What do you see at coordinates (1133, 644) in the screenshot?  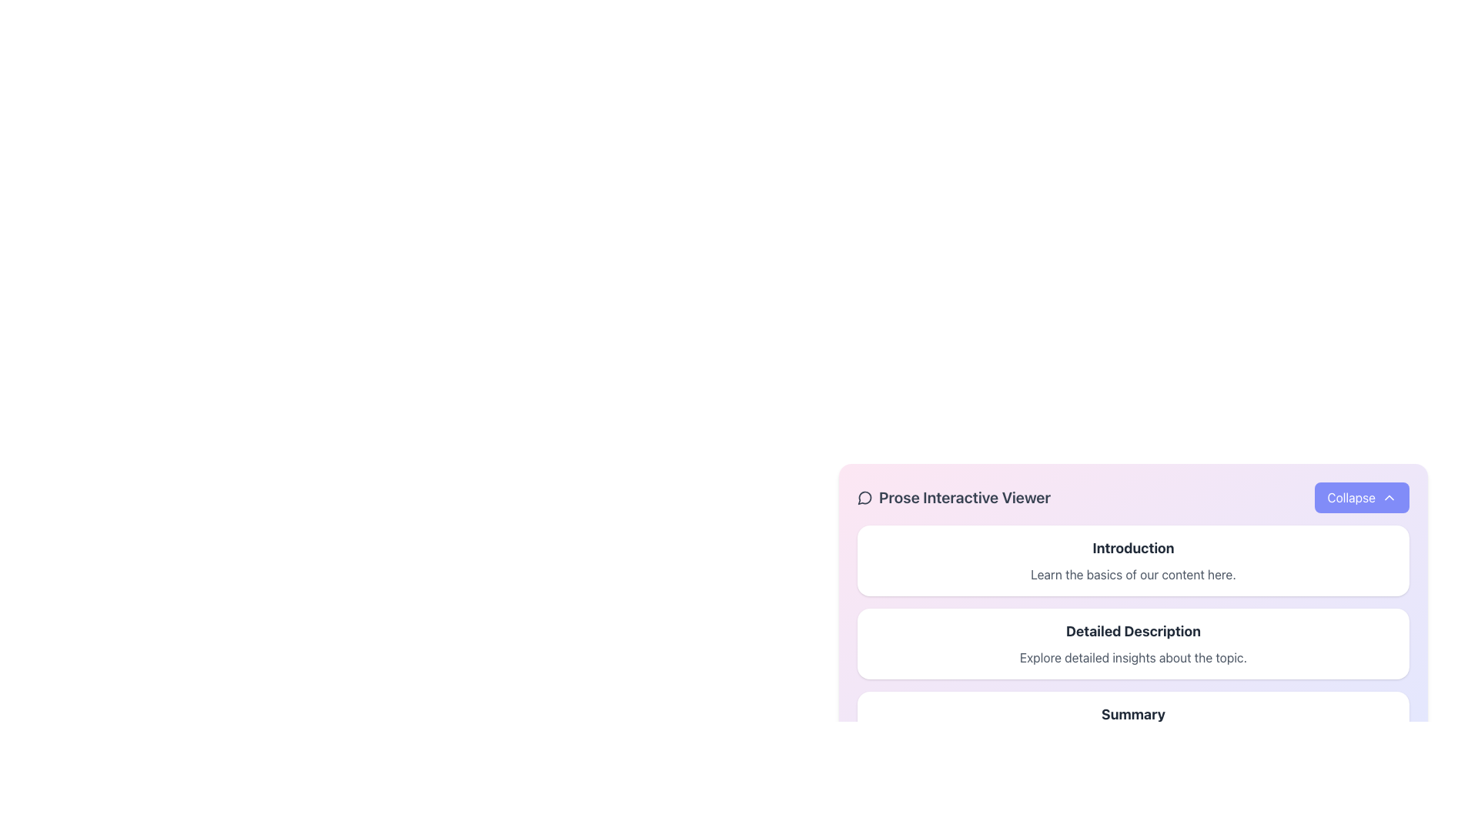 I see `the 'Detailed Description' content block, which is the second section among three major content blocks, featuring a title in bold and a description in smaller gray text` at bounding box center [1133, 644].